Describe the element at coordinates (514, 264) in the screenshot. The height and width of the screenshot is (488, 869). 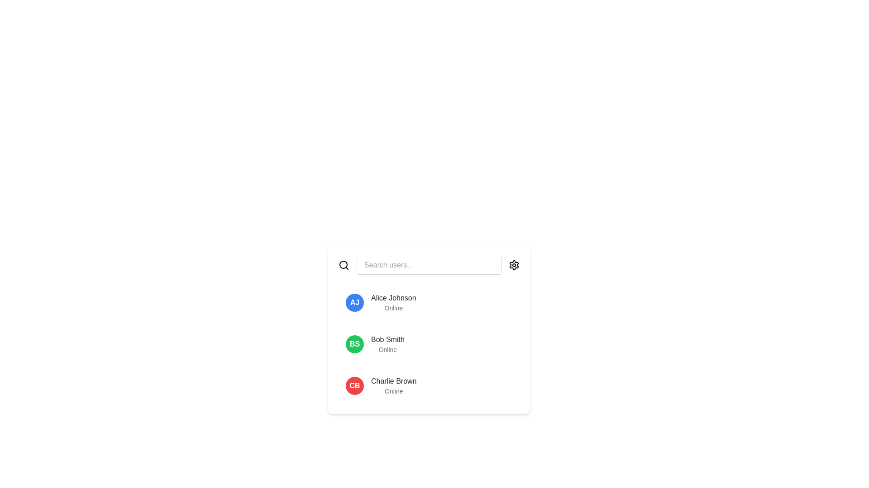
I see `the gear-shaped icon with a hollow outline and central circle` at that location.